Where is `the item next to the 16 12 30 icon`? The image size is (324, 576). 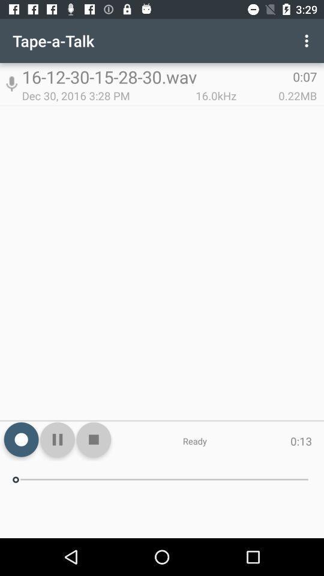 the item next to the 16 12 30 icon is located at coordinates (308, 41).